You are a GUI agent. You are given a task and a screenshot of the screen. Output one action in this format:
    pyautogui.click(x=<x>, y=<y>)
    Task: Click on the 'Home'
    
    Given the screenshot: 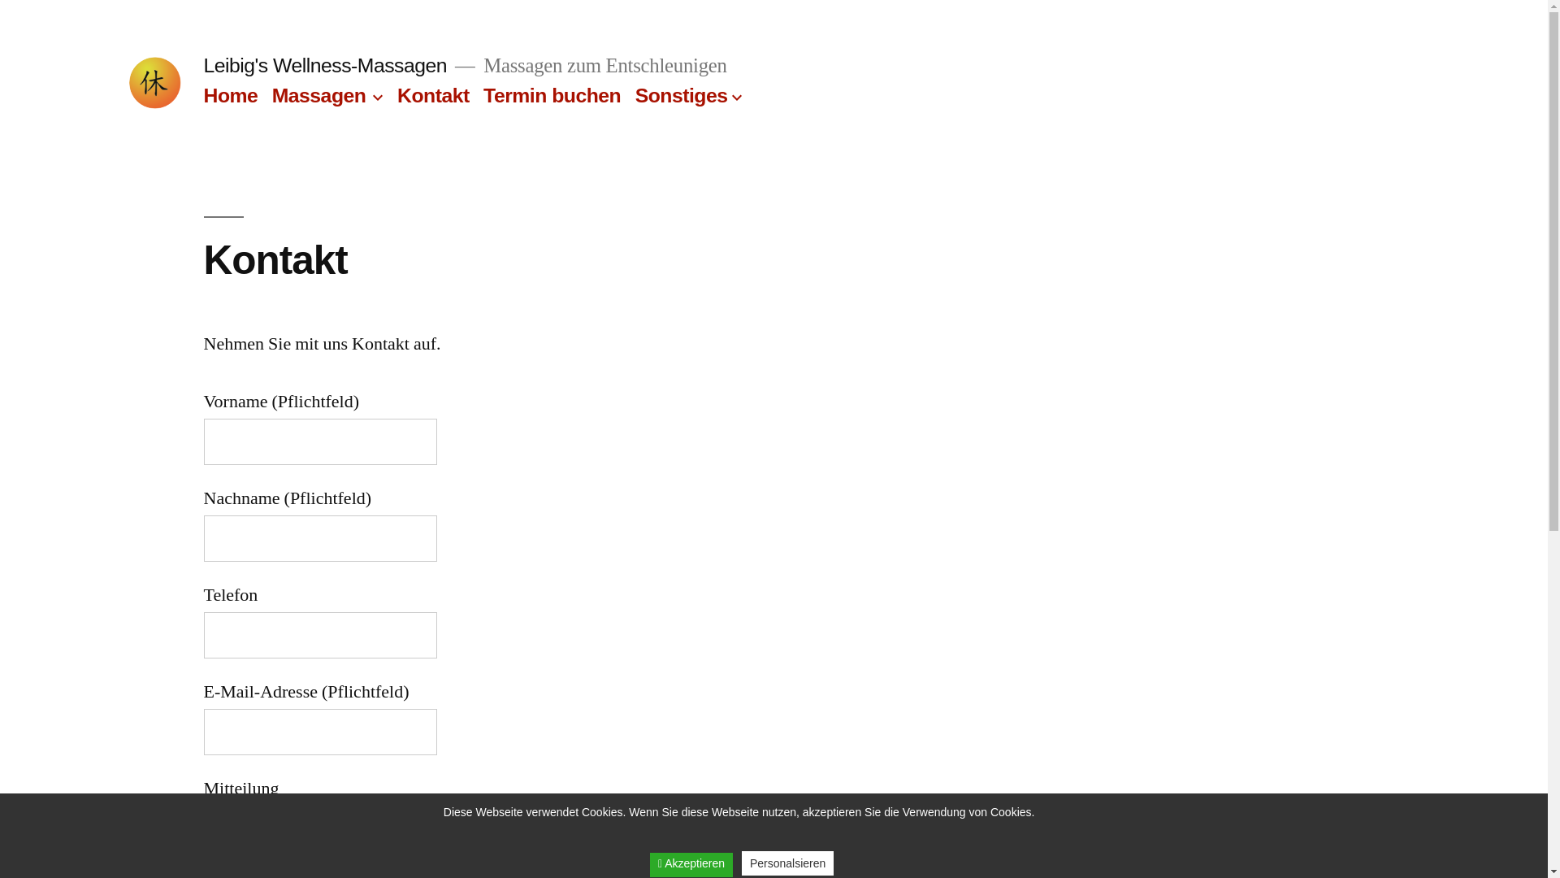 What is the action you would take?
    pyautogui.click(x=229, y=95)
    